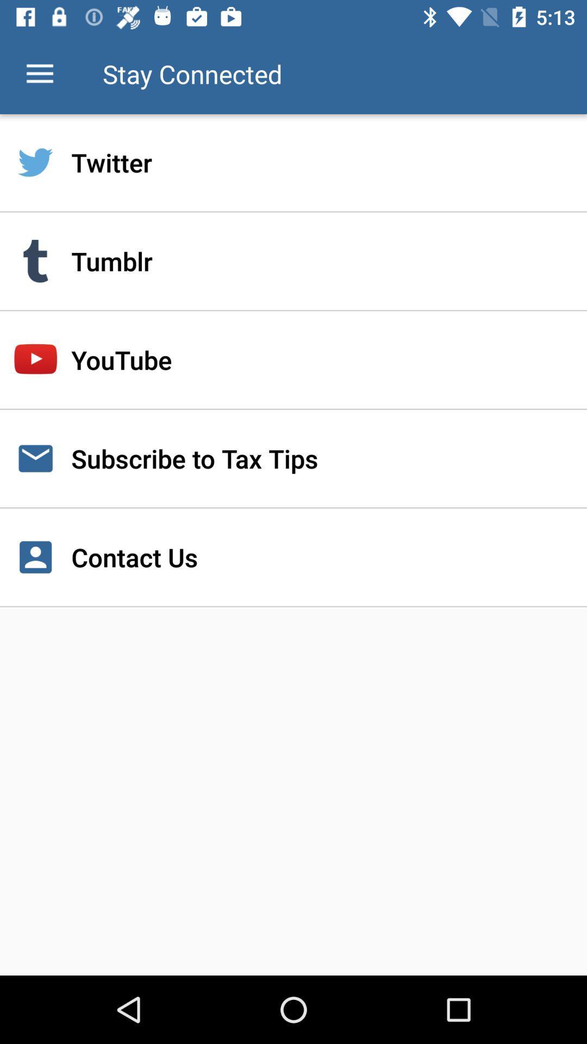  I want to click on the subscribe to tax icon, so click(293, 458).